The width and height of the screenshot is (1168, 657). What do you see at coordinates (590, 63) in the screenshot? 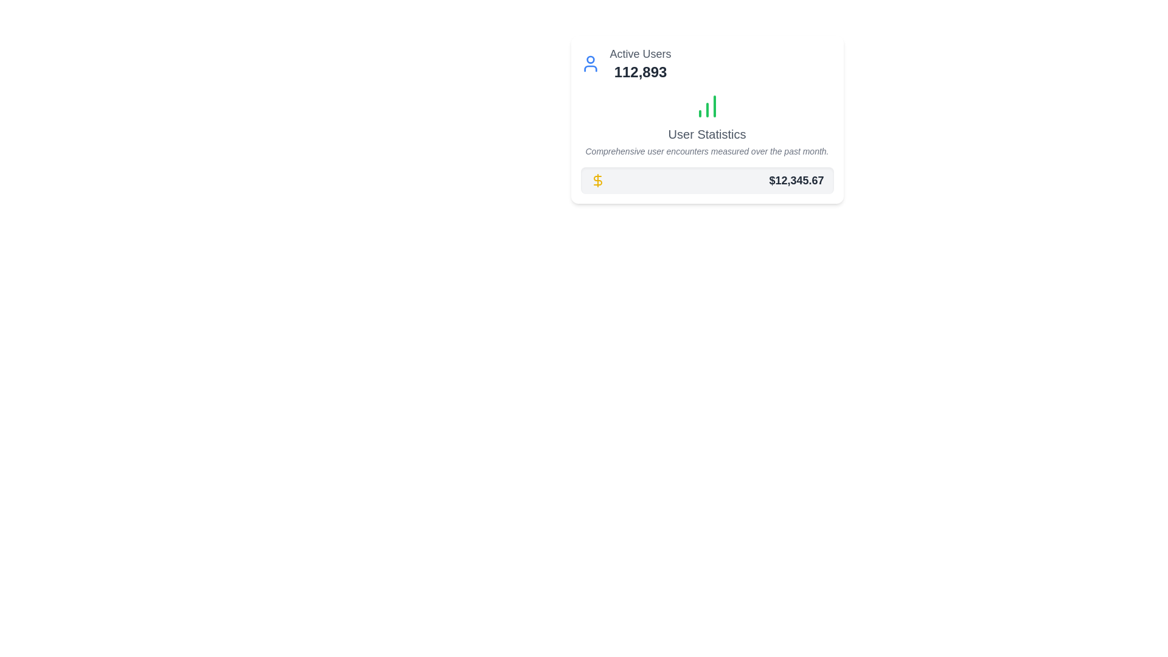
I see `the blue outlined user icon located to the left of the text 'Active Users 112,893' within the user statistics section` at bounding box center [590, 63].